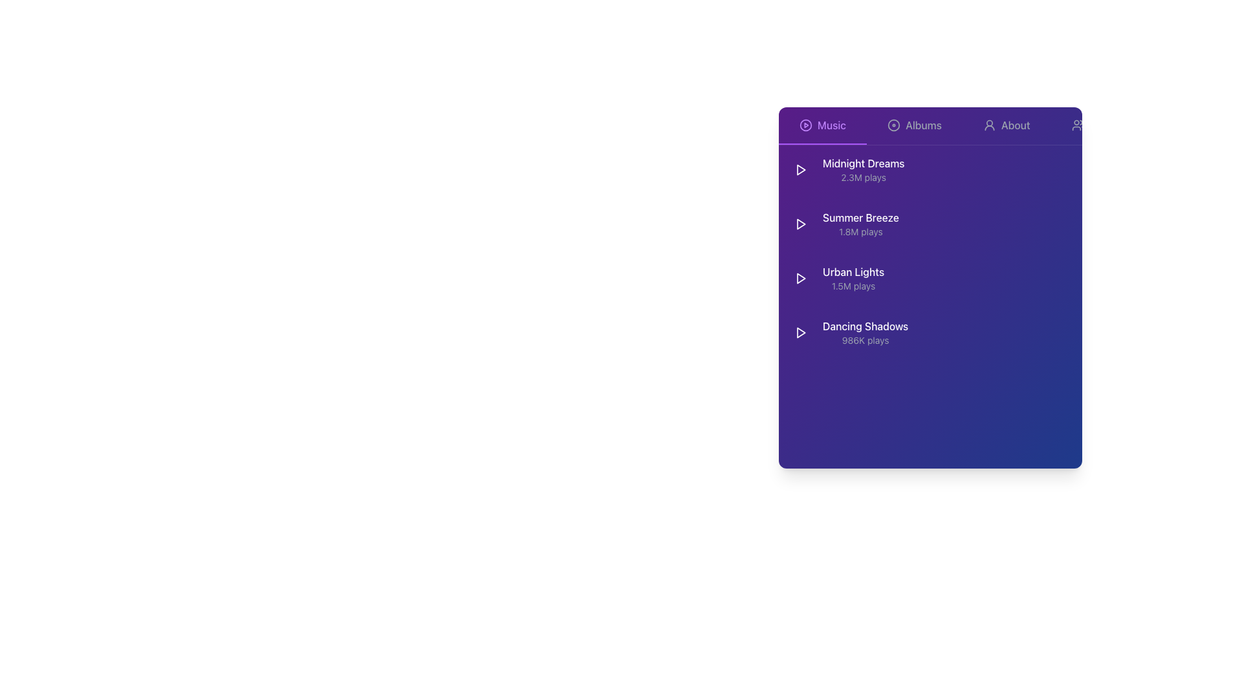 This screenshot has height=698, width=1242. What do you see at coordinates (1006, 126) in the screenshot?
I see `the 'About' navigation tab, which features a user silhouette icon and is part of a horizontal navigation bar` at bounding box center [1006, 126].